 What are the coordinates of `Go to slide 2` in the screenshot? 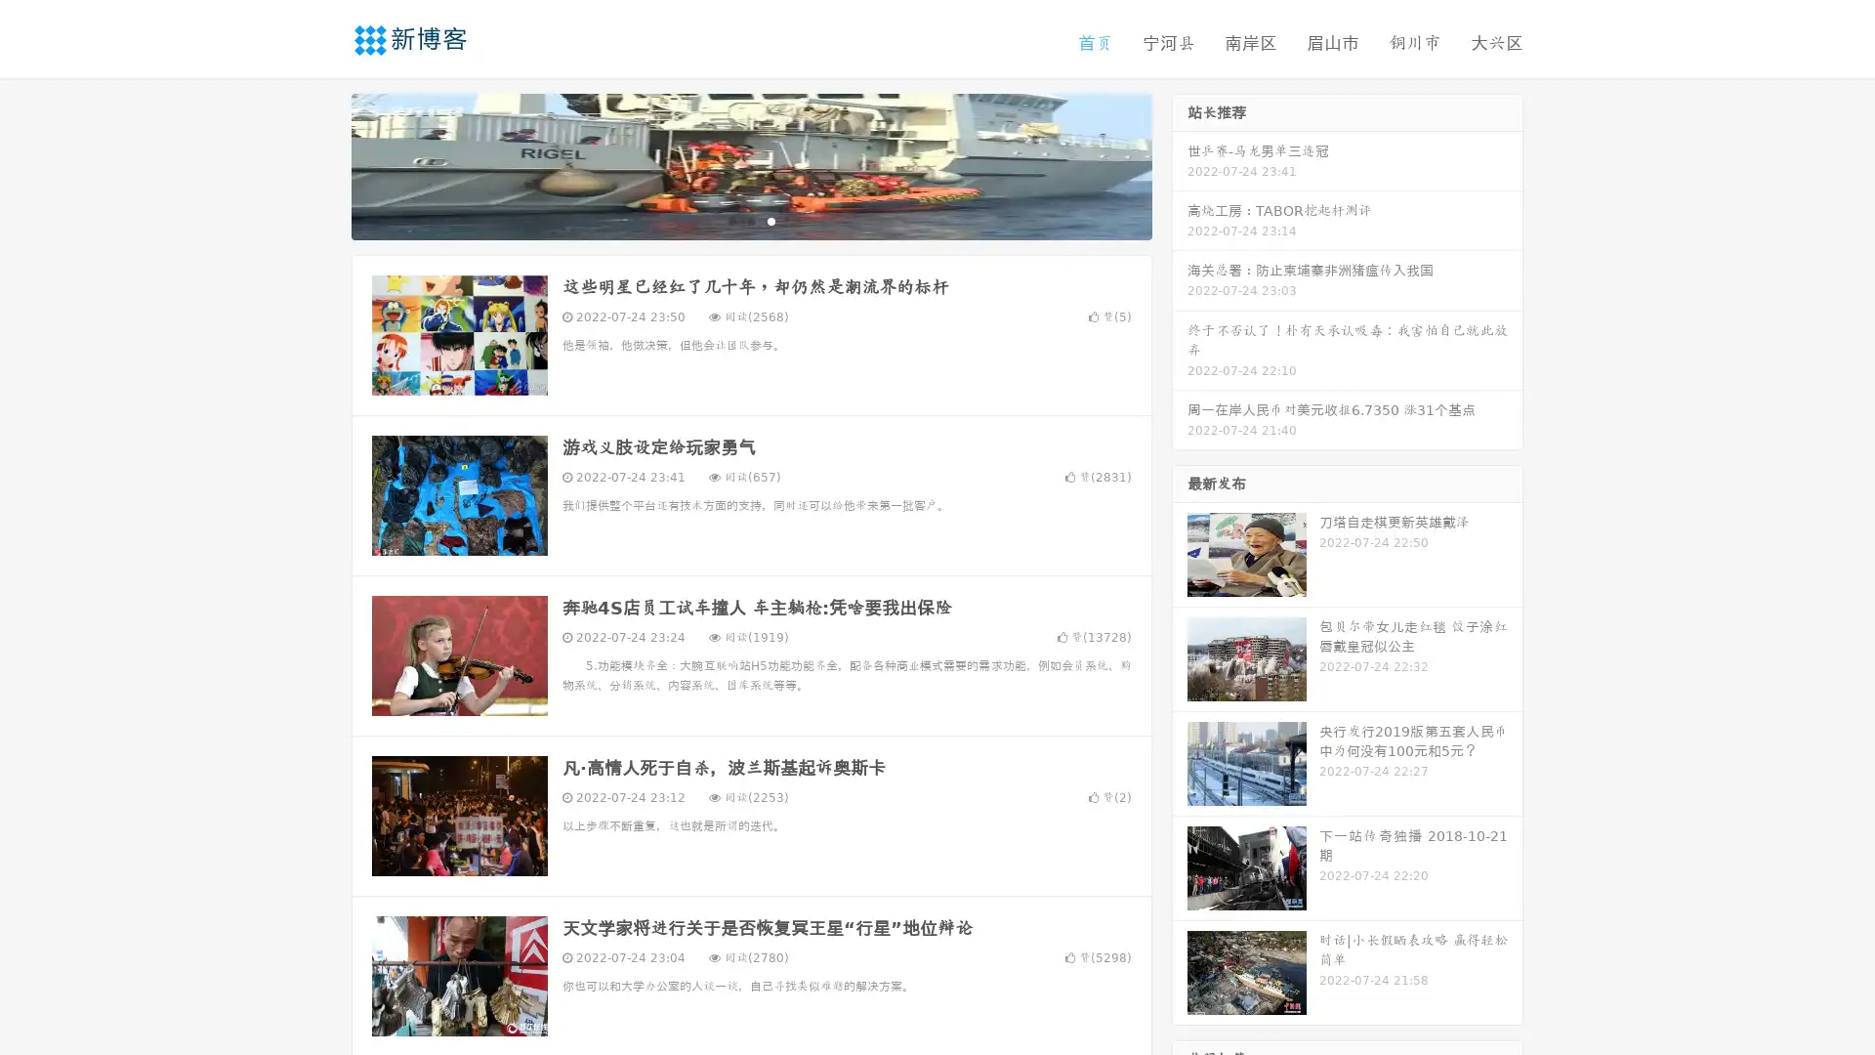 It's located at (750, 220).